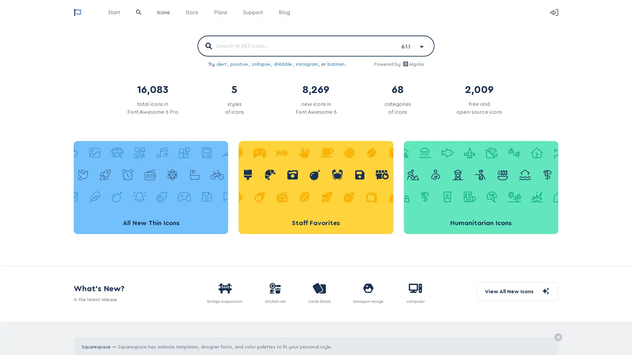 This screenshot has width=632, height=355. I want to click on batman, so click(336, 64).